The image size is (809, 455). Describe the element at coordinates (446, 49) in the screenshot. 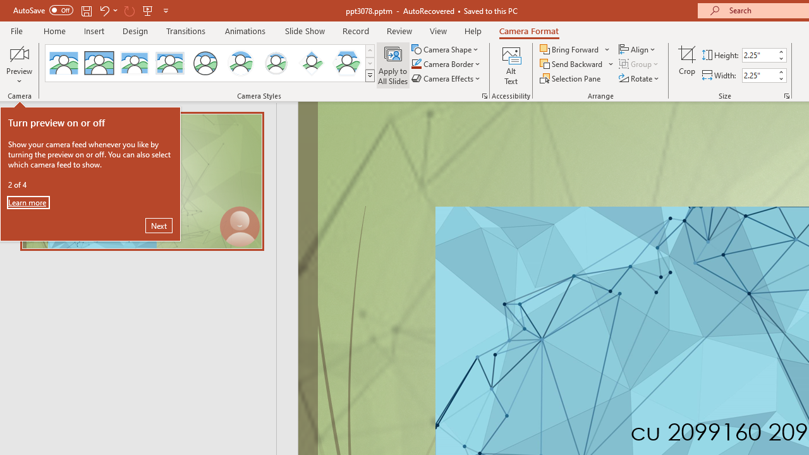

I see `'Camera Shape'` at that location.